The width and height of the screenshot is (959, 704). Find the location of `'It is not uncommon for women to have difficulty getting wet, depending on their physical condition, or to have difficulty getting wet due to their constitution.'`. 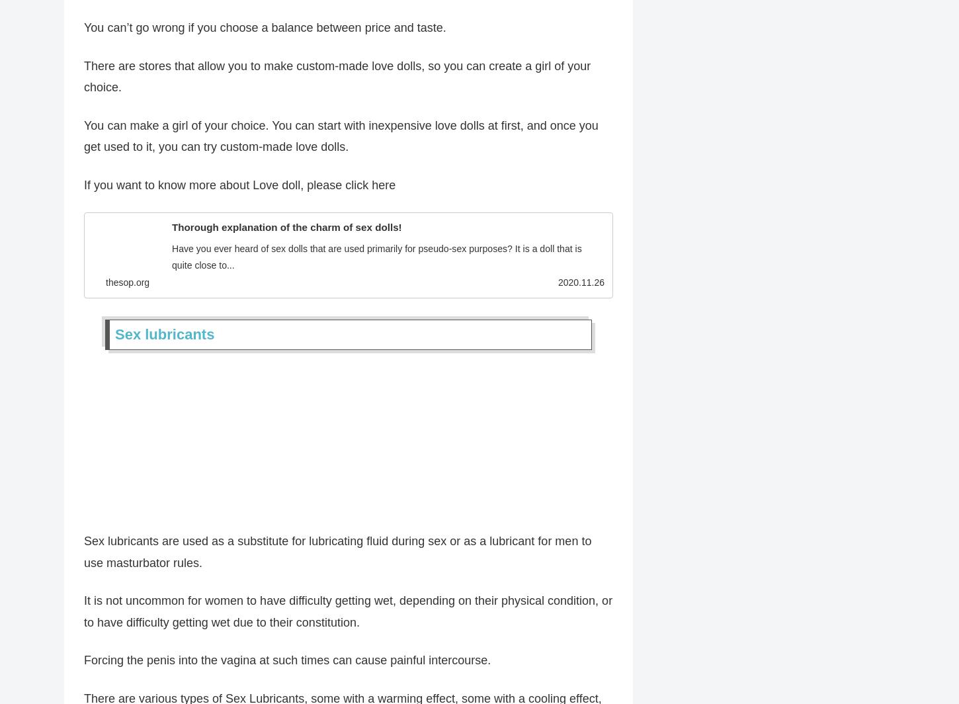

'It is not uncommon for women to have difficulty getting wet, depending on their physical condition, or to have difficulty getting wet due to their constitution.' is located at coordinates (348, 615).